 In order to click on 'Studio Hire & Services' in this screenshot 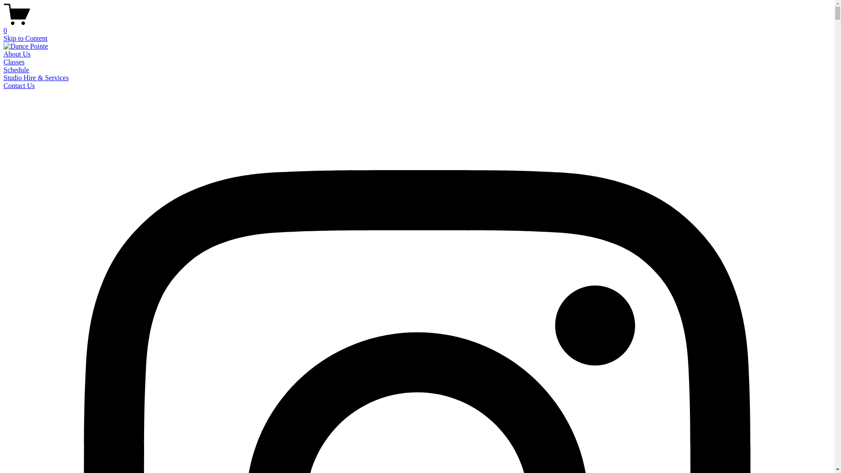, I will do `click(35, 77)`.